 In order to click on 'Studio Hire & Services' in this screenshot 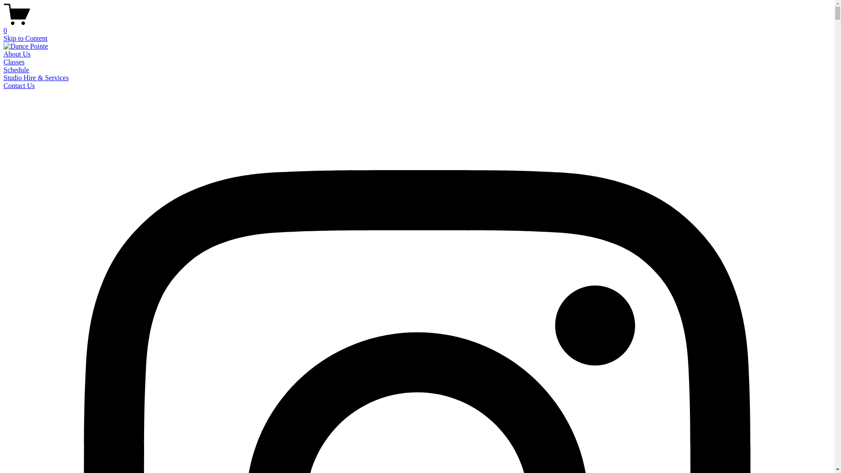, I will do `click(35, 77)`.